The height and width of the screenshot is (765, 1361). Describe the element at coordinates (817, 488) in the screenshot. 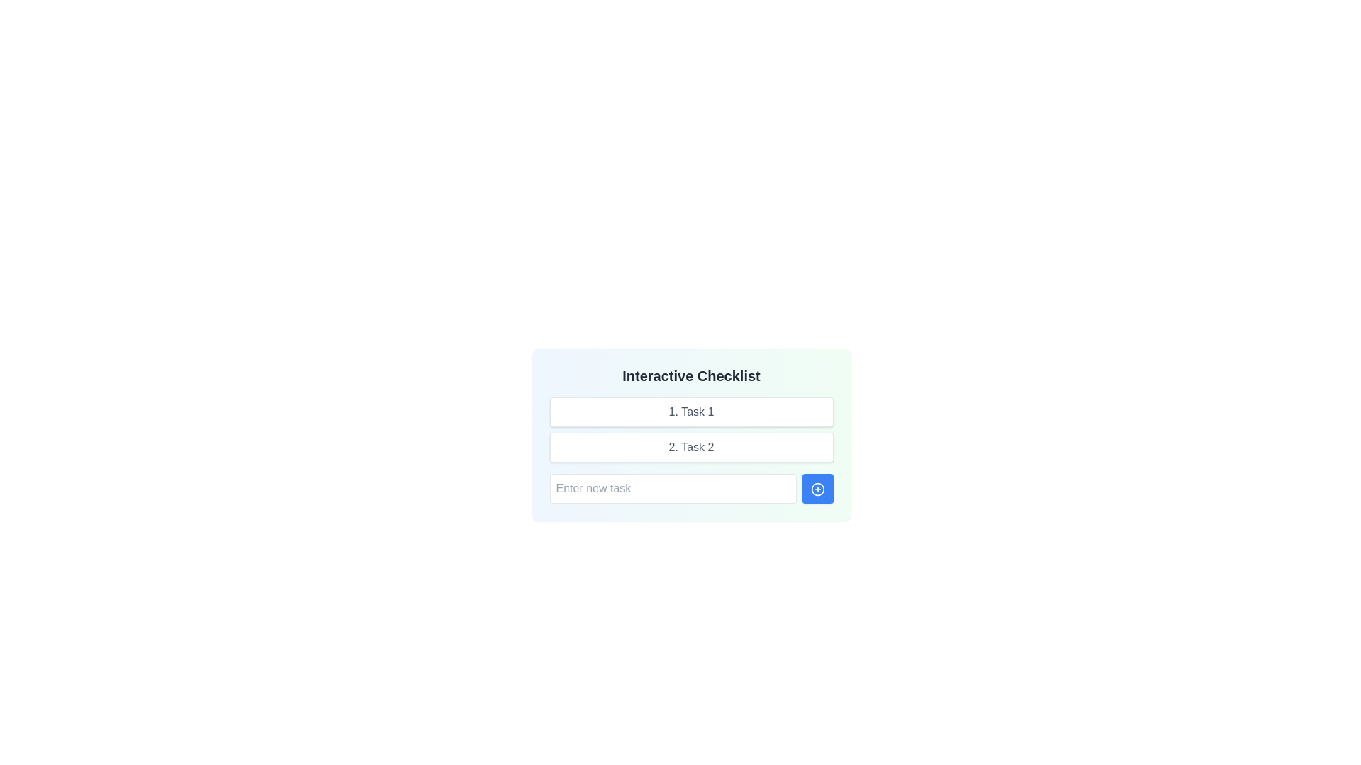

I see `the circular interactive icon with a blue border and a plus symbol inside, located at the right end of an input field below the checklist items labeled '1. Task 1' and '2. Task 2'` at that location.